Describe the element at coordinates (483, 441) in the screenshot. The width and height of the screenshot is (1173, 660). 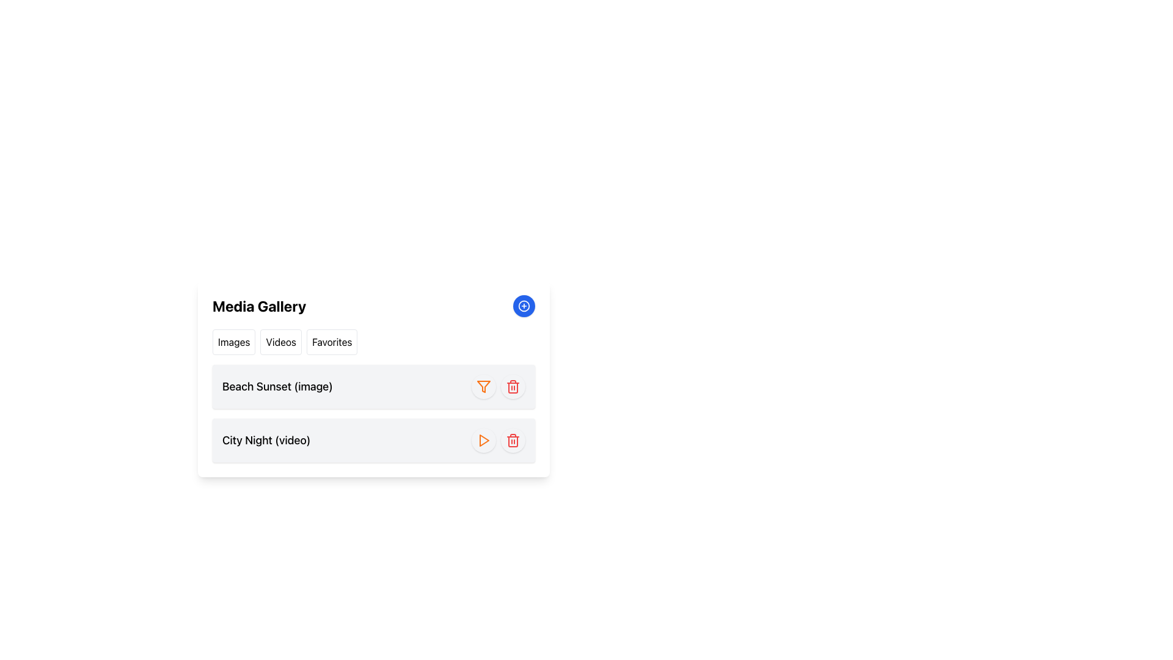
I see `the circular play button with an orange outline` at that location.